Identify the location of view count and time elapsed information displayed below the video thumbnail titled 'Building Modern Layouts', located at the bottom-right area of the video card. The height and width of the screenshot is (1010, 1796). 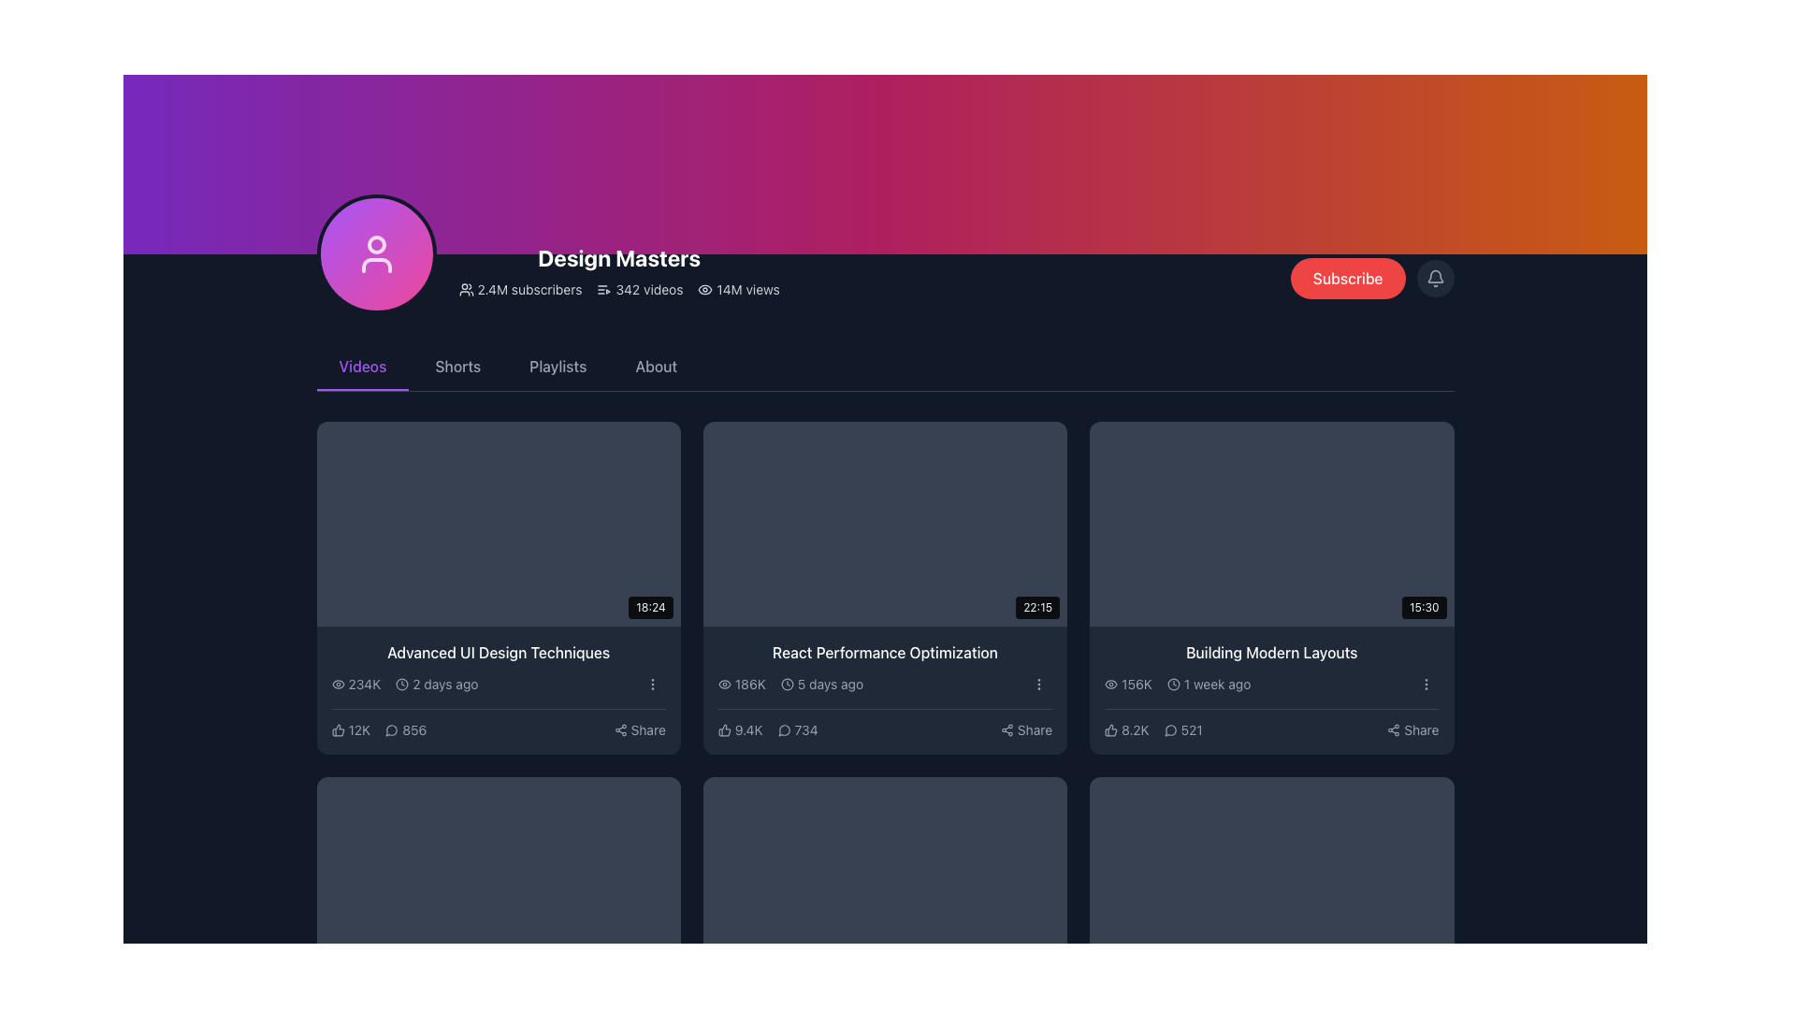
(1177, 685).